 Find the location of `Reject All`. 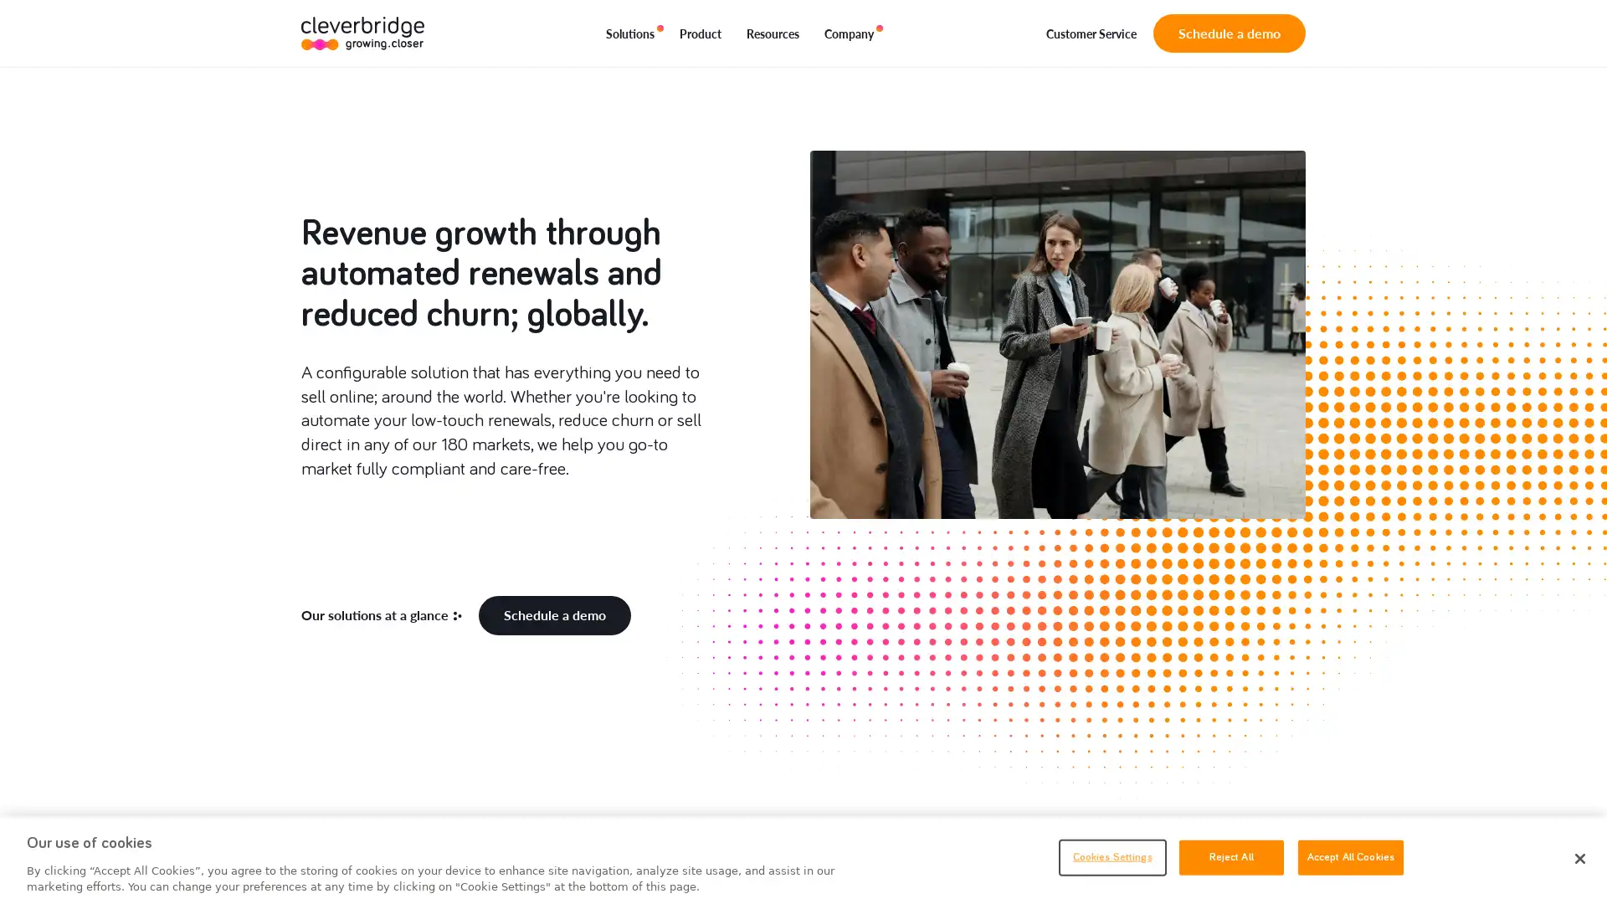

Reject All is located at coordinates (1230, 856).